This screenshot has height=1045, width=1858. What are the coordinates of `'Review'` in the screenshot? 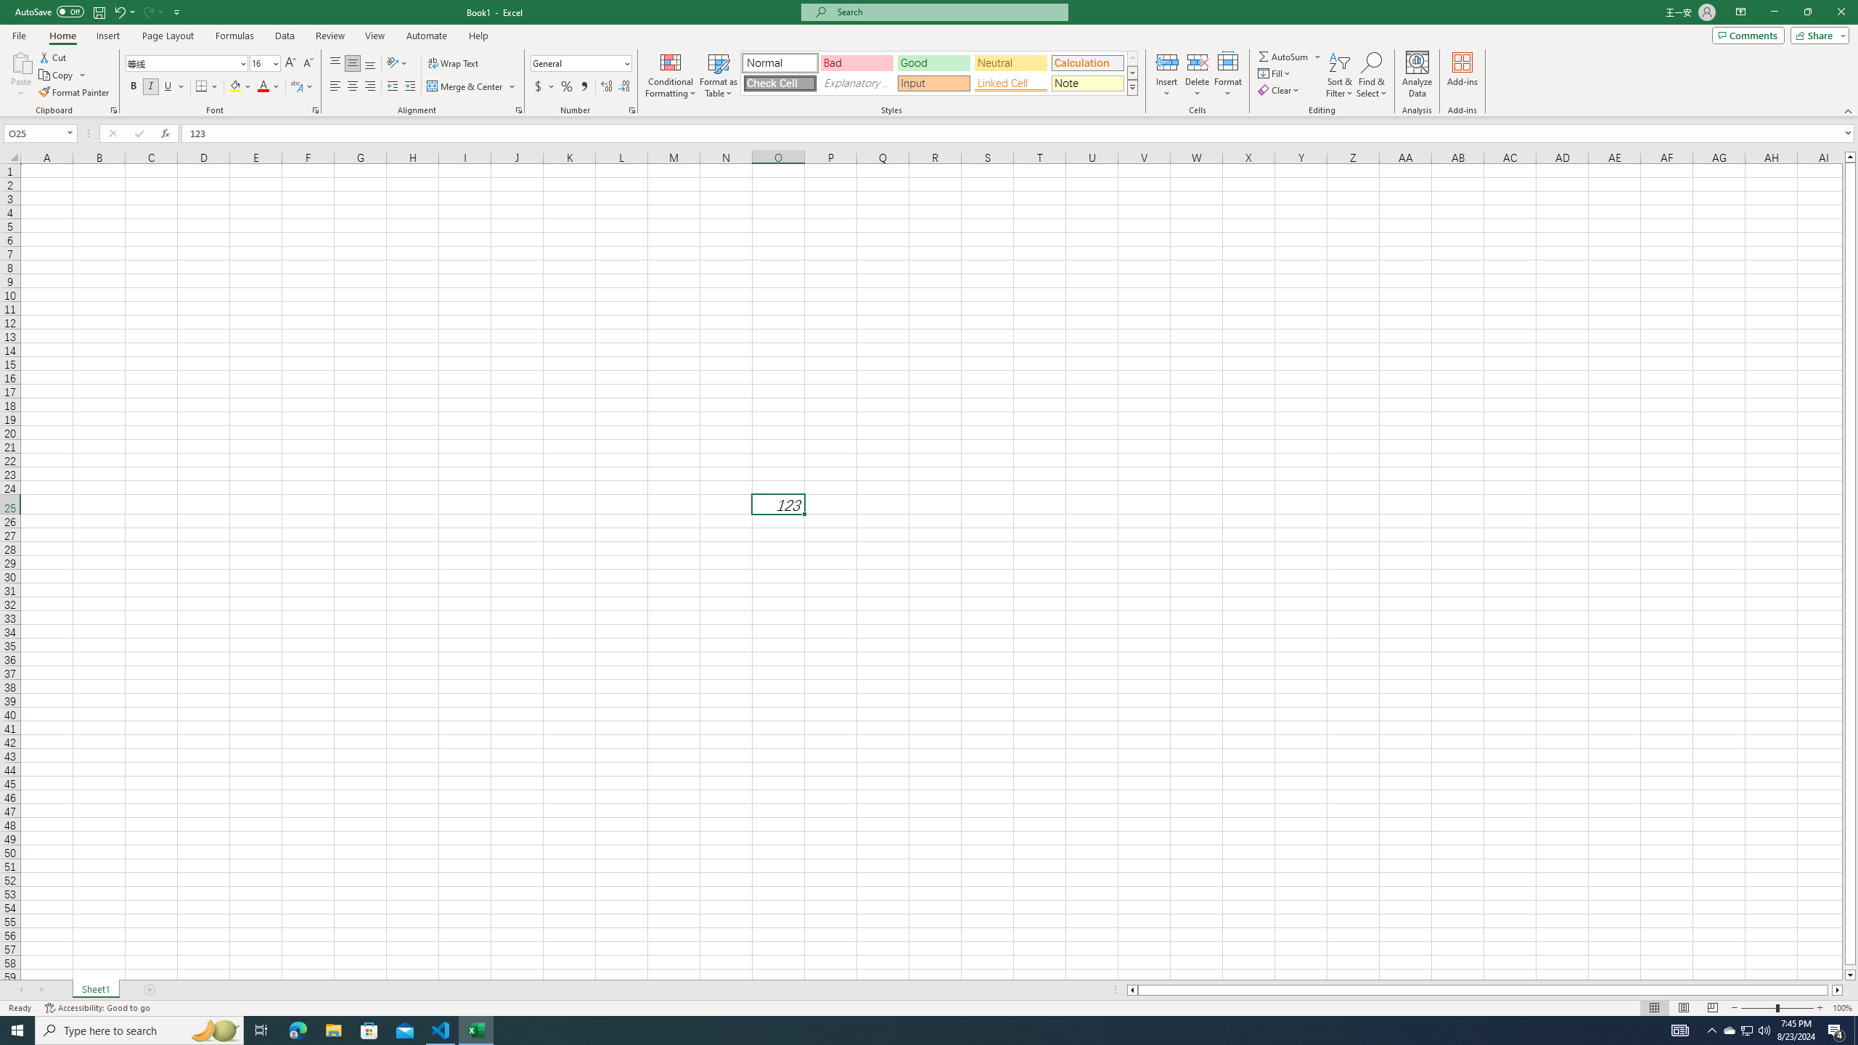 It's located at (329, 36).